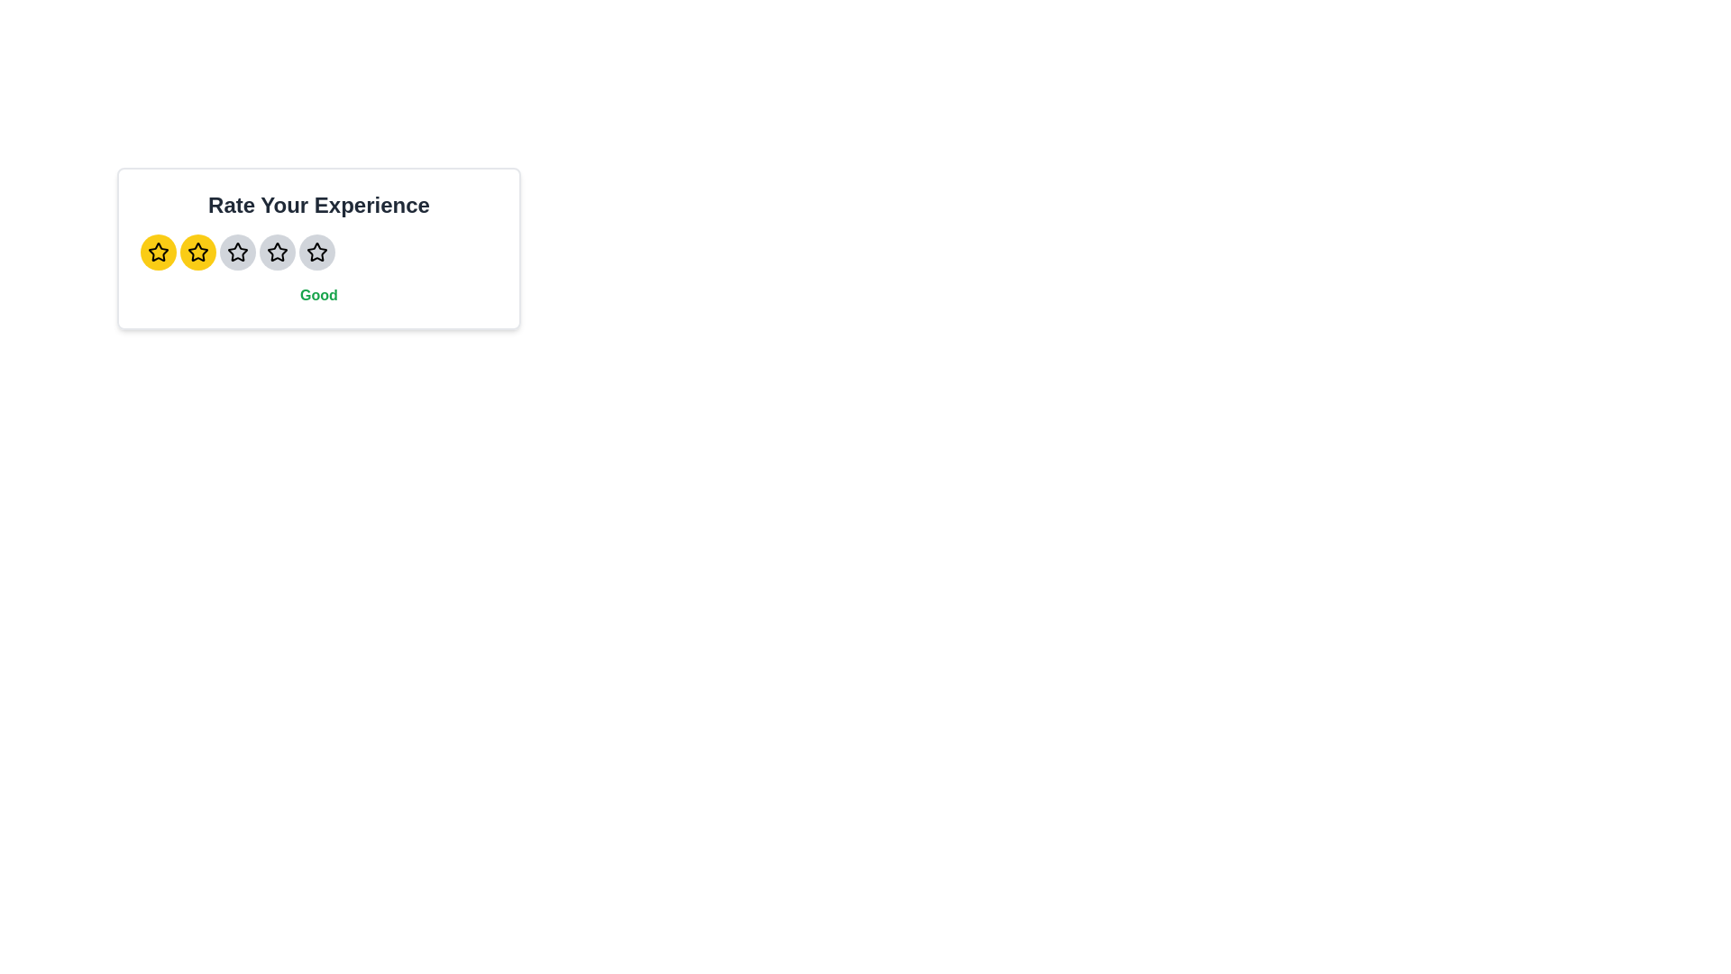 The width and height of the screenshot is (1731, 974). I want to click on the third star button in the rating system, so click(237, 253).